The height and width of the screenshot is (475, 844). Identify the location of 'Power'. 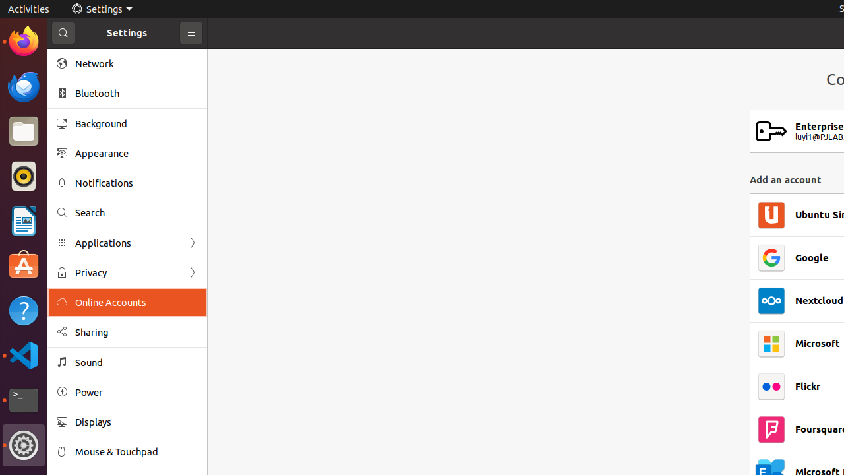
(136, 391).